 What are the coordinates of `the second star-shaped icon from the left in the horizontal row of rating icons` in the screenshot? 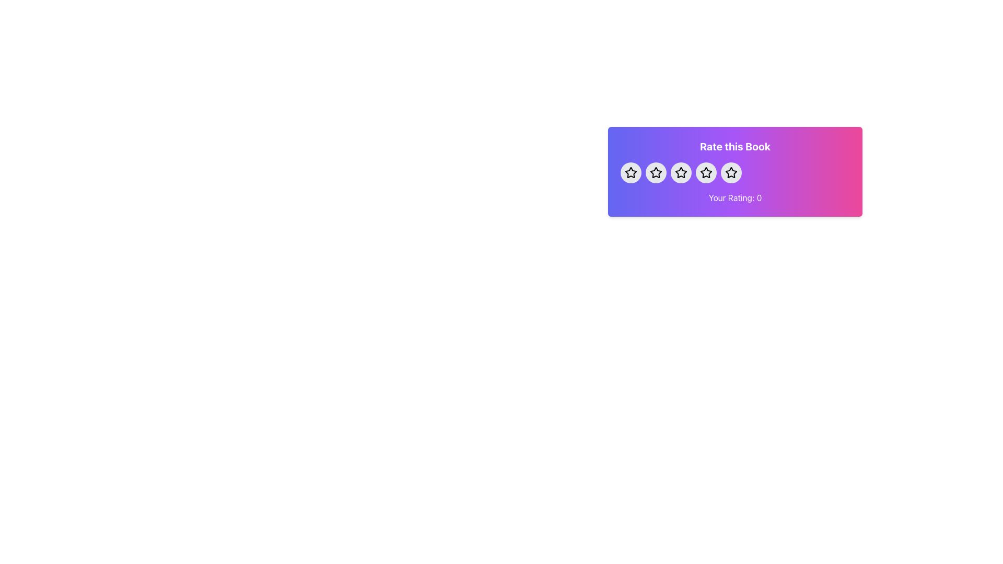 It's located at (680, 172).